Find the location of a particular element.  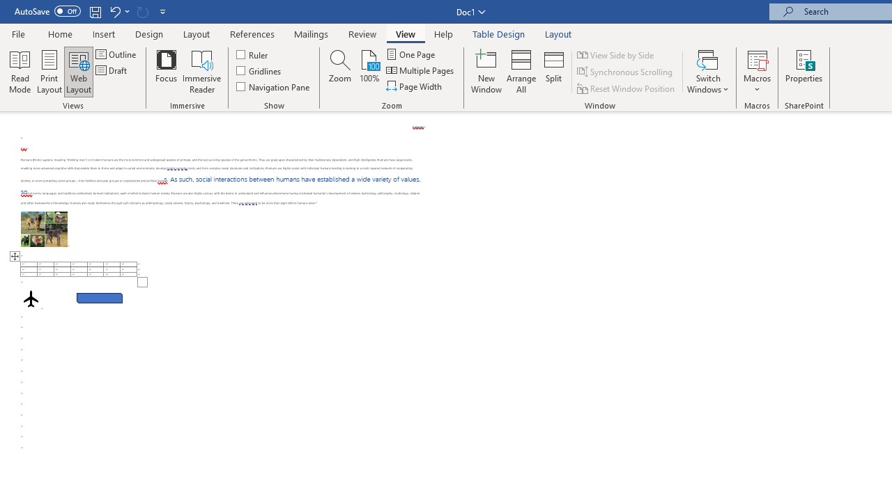

'Can' is located at coordinates (142, 11).